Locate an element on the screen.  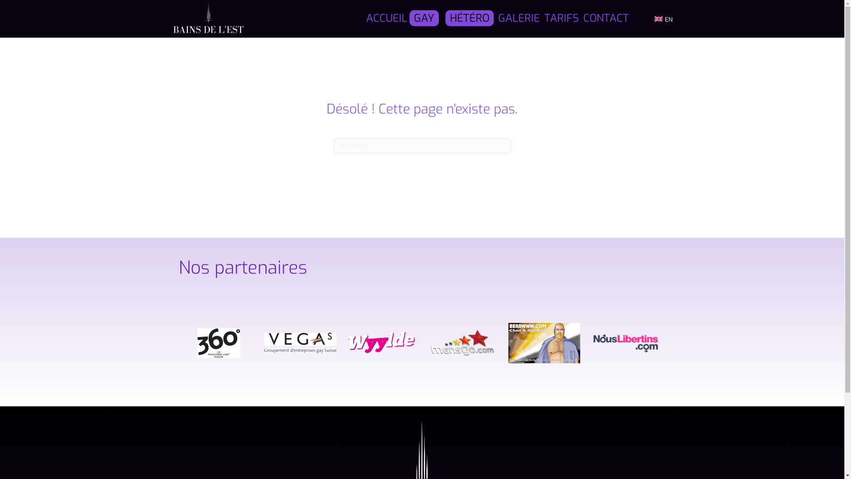
'En' is located at coordinates (659, 19).